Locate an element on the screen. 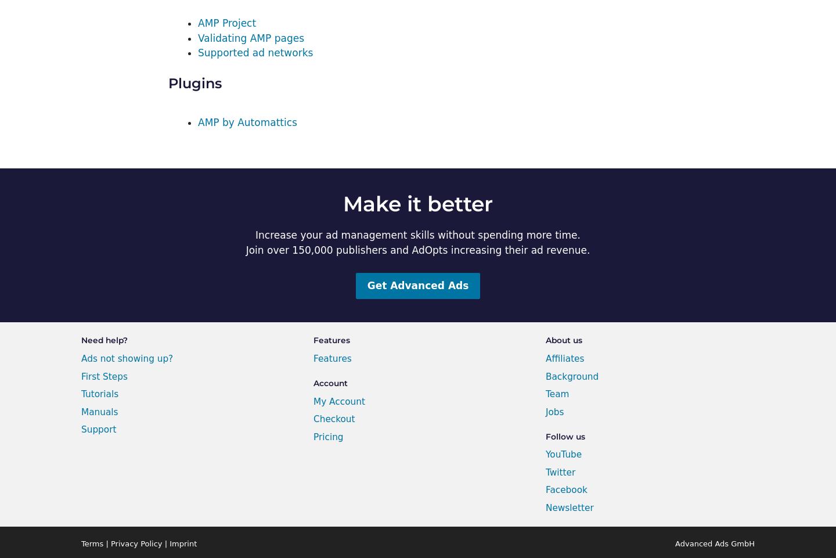  'AMP Project' is located at coordinates (226, 22).